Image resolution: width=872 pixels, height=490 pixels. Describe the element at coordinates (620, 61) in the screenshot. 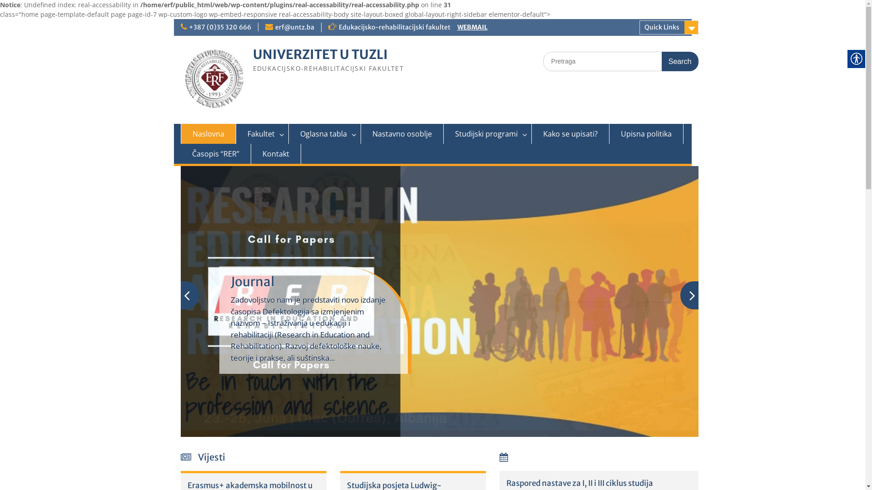

I see `'Search for:'` at that location.